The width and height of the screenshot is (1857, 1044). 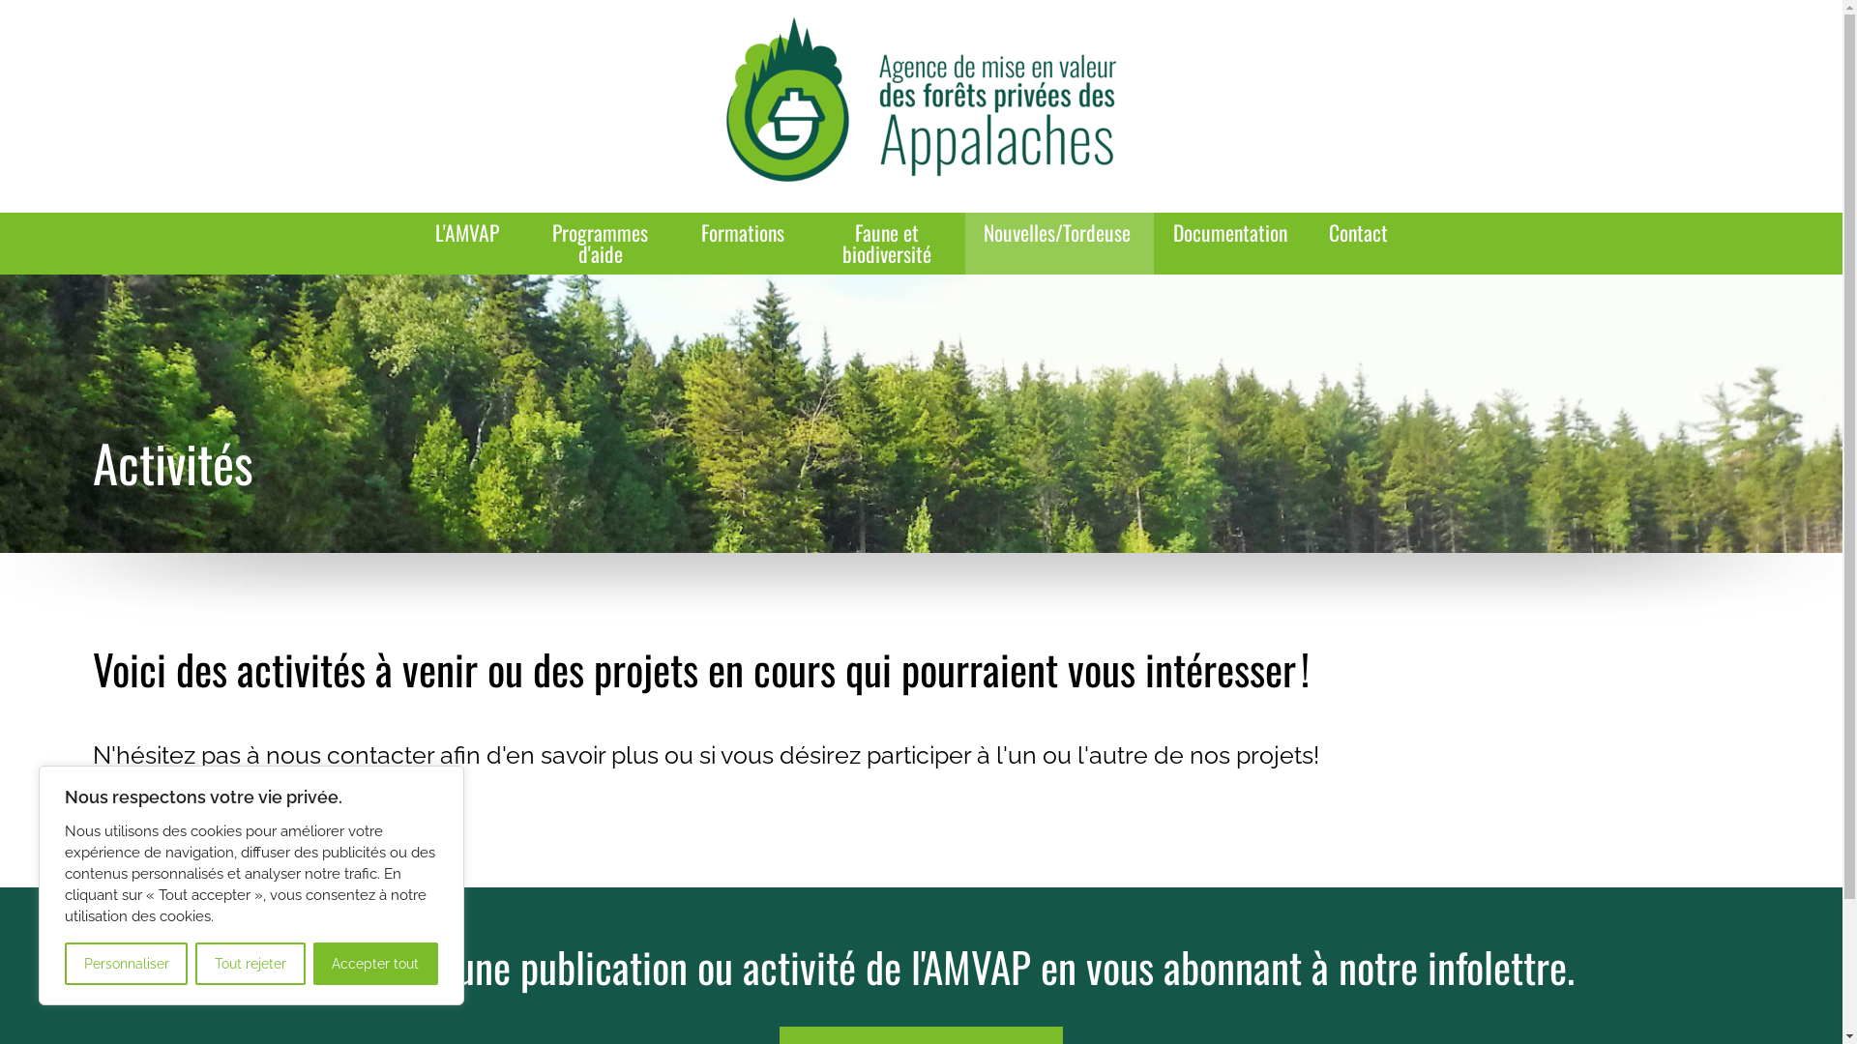 What do you see at coordinates (744, 231) in the screenshot?
I see `'Formations'` at bounding box center [744, 231].